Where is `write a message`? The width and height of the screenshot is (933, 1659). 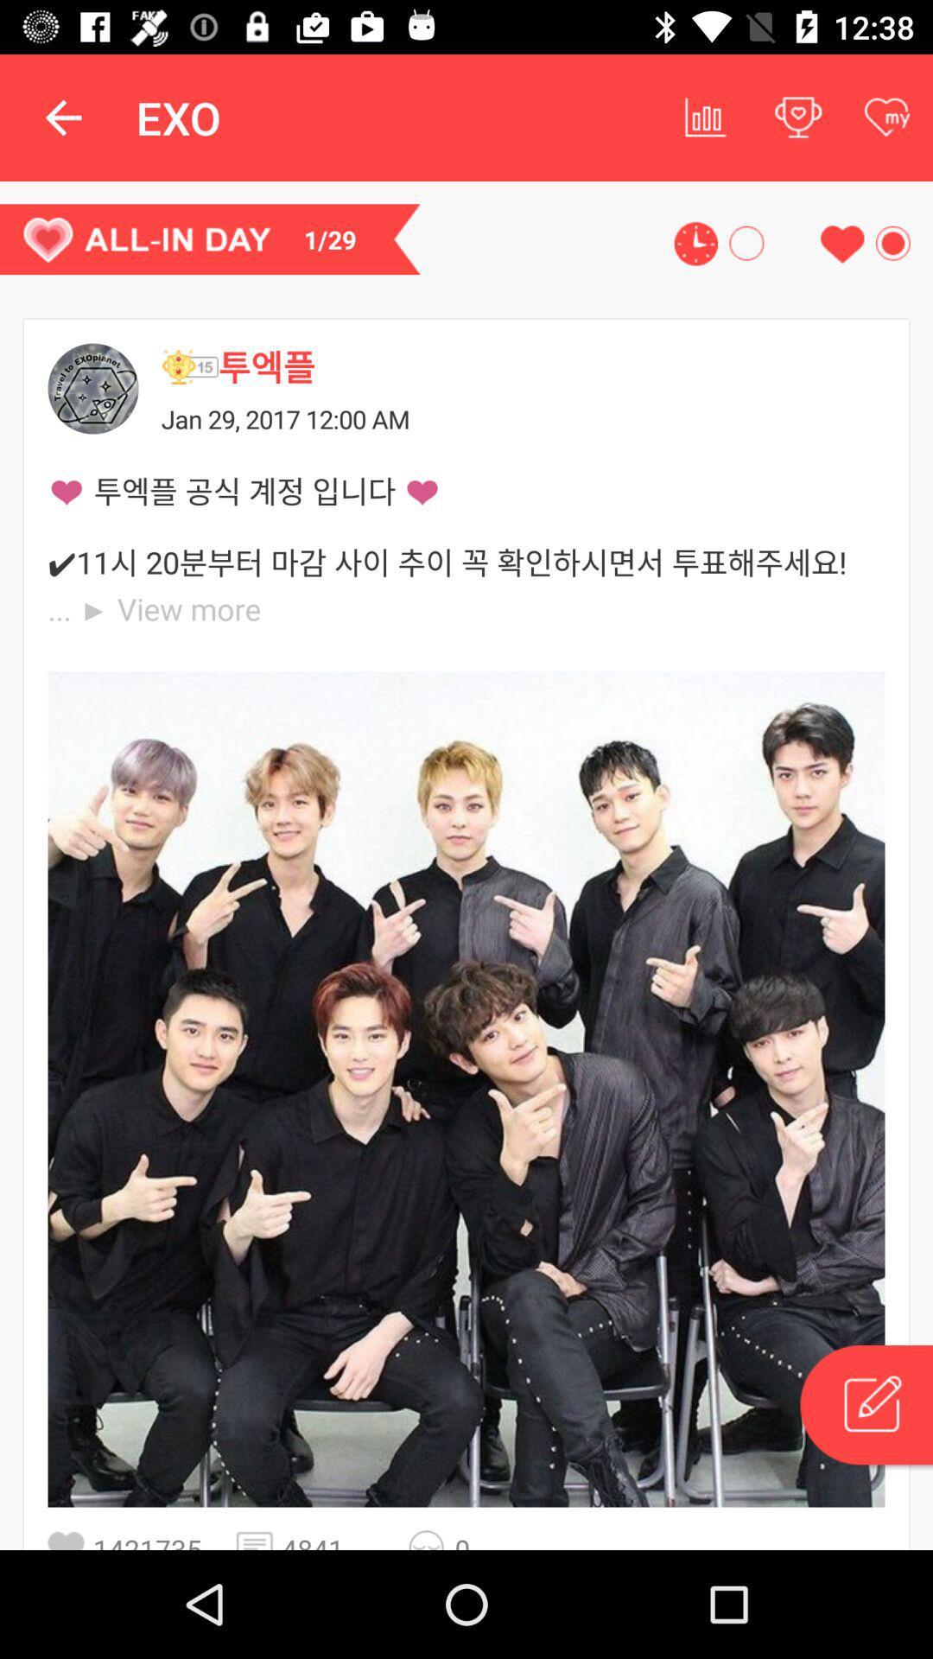
write a message is located at coordinates (865, 1408).